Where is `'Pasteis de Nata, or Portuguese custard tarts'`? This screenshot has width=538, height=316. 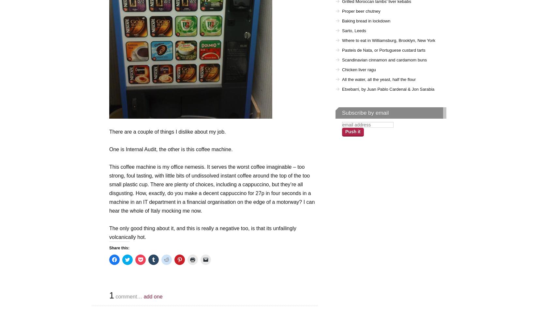
'Pasteis de Nata, or Portuguese custard tarts' is located at coordinates (342, 50).